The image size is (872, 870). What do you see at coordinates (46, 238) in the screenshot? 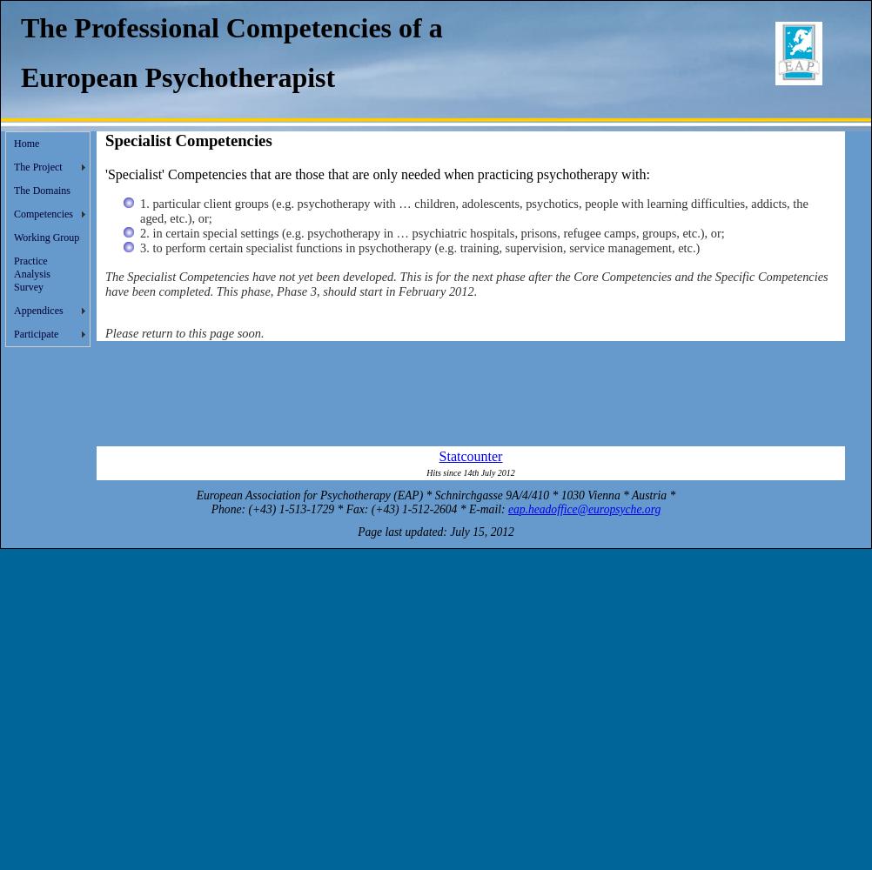
I see `'Working Group'` at bounding box center [46, 238].